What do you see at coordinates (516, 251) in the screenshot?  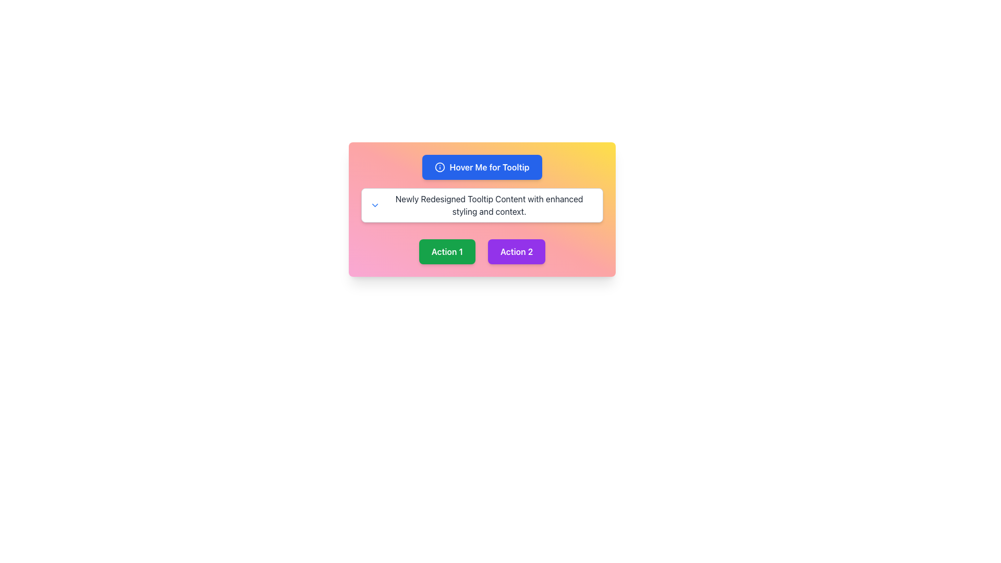 I see `the 'Action 2' button located at the bottom right of the card` at bounding box center [516, 251].